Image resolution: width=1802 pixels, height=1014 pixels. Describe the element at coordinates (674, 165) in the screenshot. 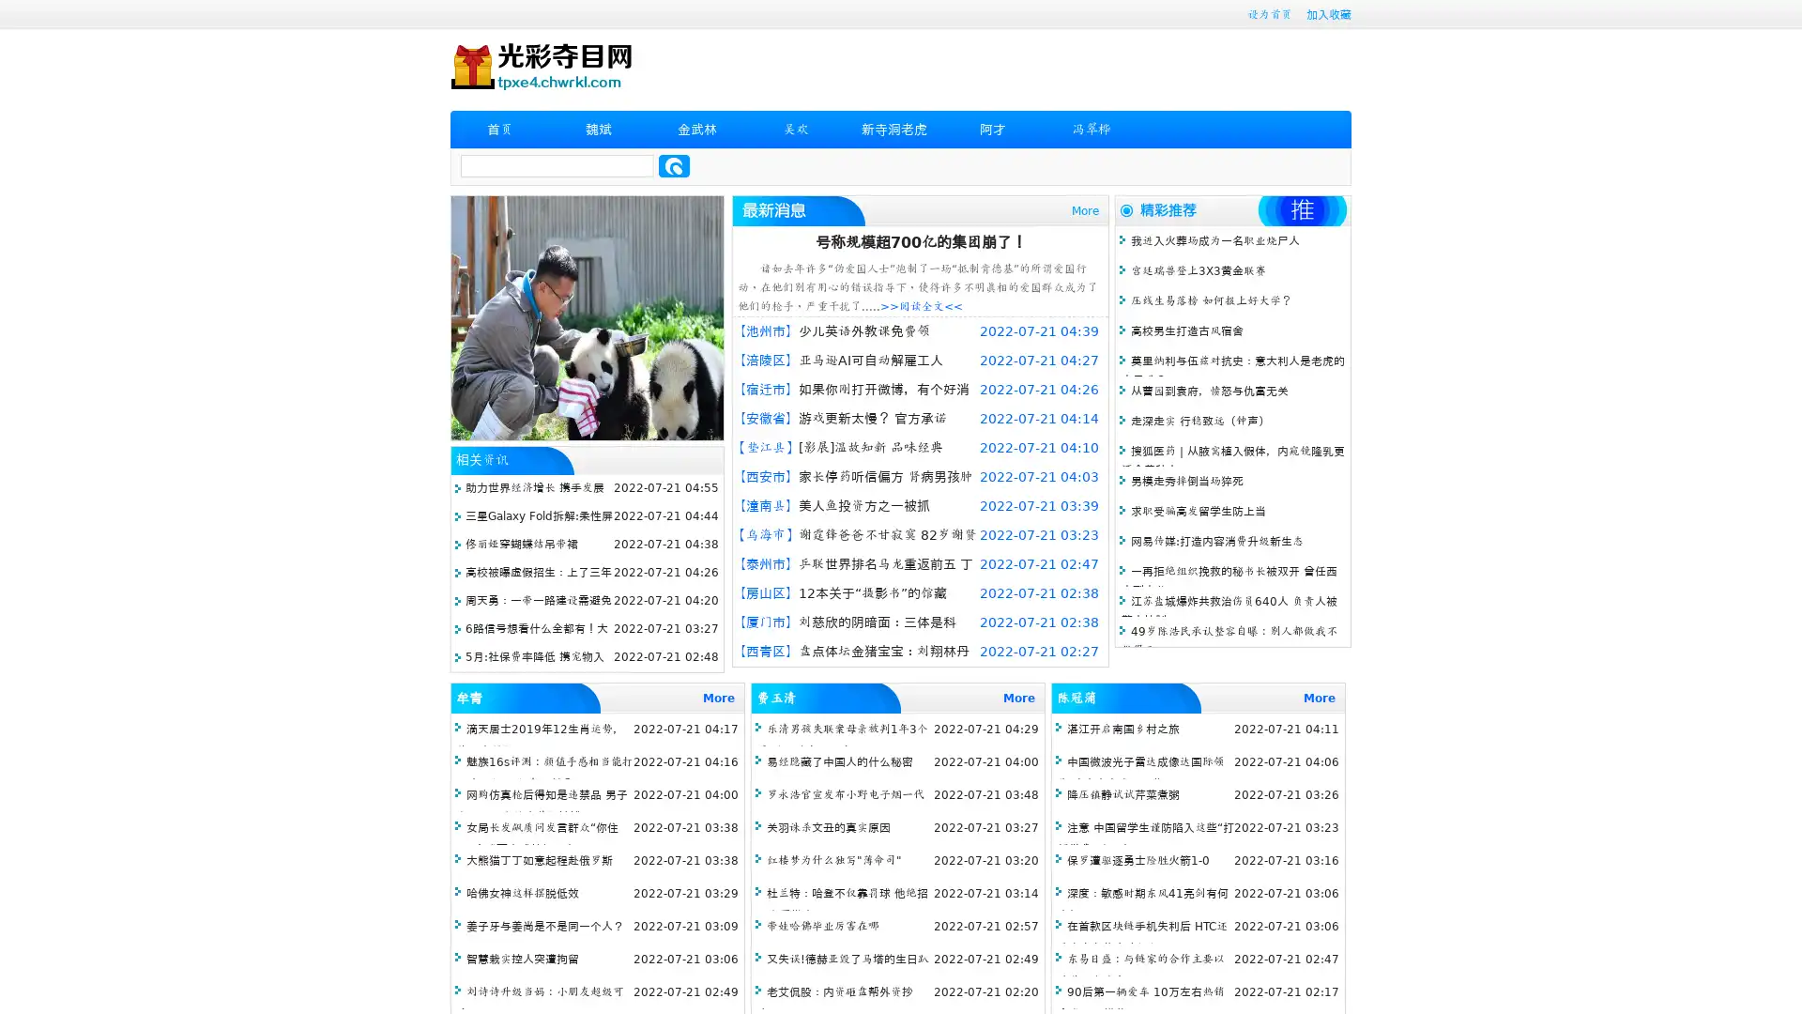

I see `Search` at that location.